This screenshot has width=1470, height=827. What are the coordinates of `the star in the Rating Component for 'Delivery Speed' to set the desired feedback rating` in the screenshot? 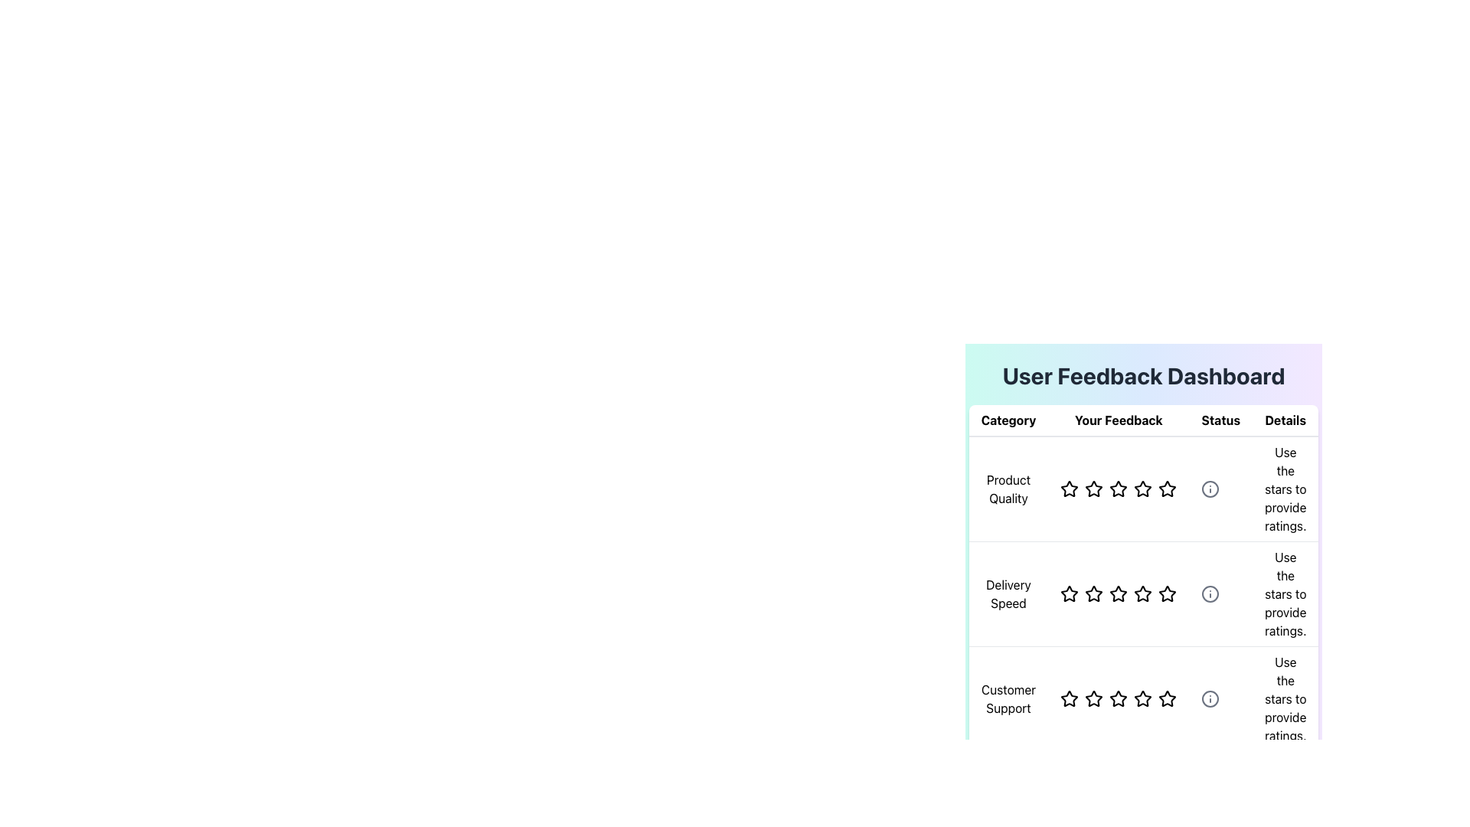 It's located at (1119, 593).